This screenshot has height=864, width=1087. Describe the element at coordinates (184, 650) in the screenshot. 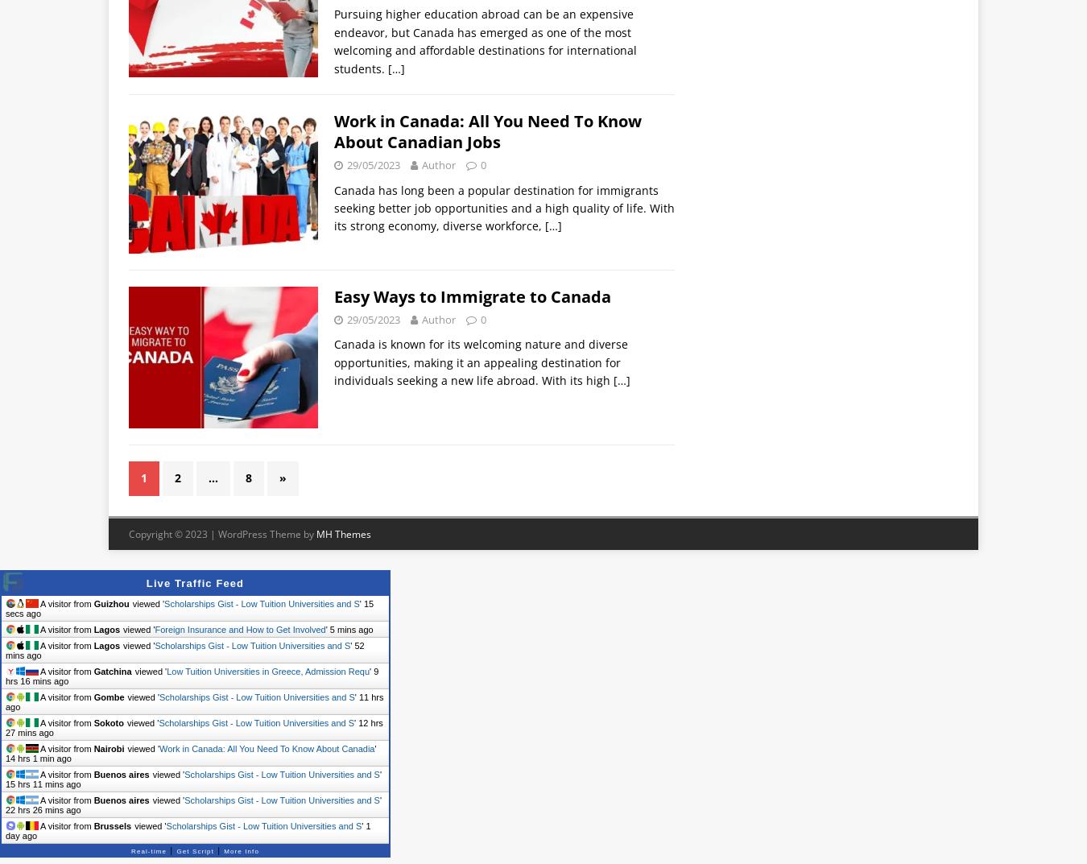

I see `'52 mins ago'` at that location.